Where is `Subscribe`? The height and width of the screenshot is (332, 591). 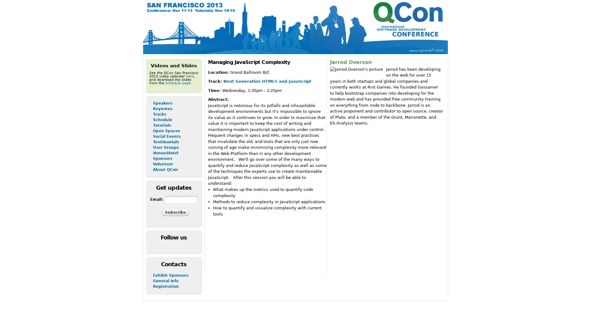
Subscribe is located at coordinates (175, 212).